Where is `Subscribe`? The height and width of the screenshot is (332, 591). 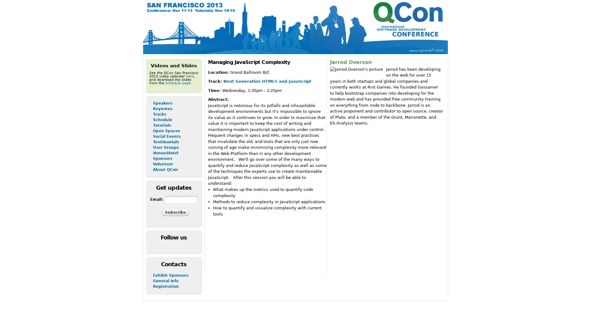
Subscribe is located at coordinates (175, 212).